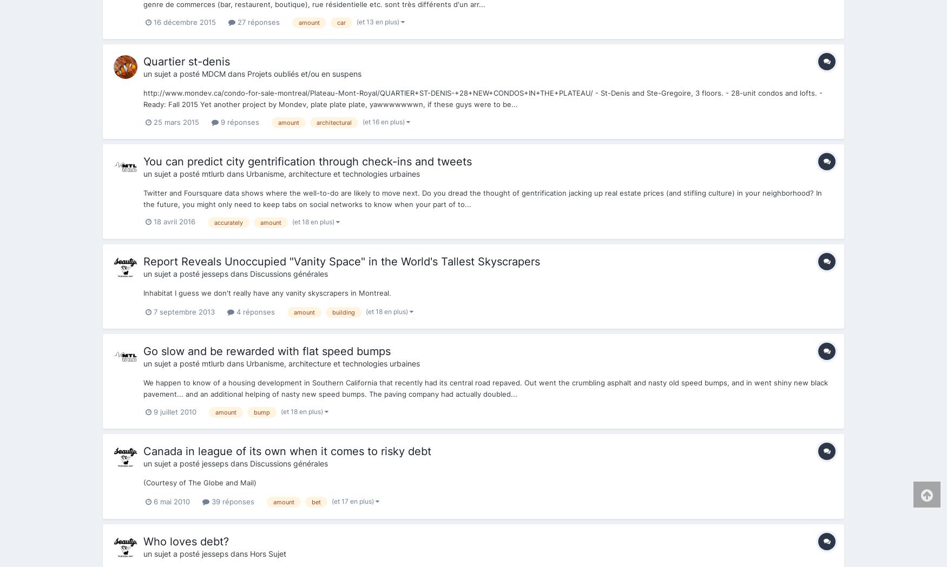  I want to click on 'Projets oubliés et/ou en suspens', so click(247, 74).